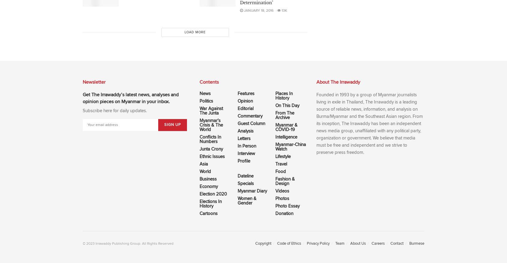 Image resolution: width=507 pixels, height=263 pixels. Describe the element at coordinates (369, 123) in the screenshot. I see `'Founded in 1993 by a group of Myanmar journalists living in exile in Thailand, The Irrawaddy is a leading source of reliable news, information, and analysis on Burma/Myanmar and the Southeast Asian region. From its inception, The Irrawaddy has been an independent news media group, unaffiliated with any political party, organization or government. We believe that media must be free and independent and we strive to preserve press freedom.'` at that location.